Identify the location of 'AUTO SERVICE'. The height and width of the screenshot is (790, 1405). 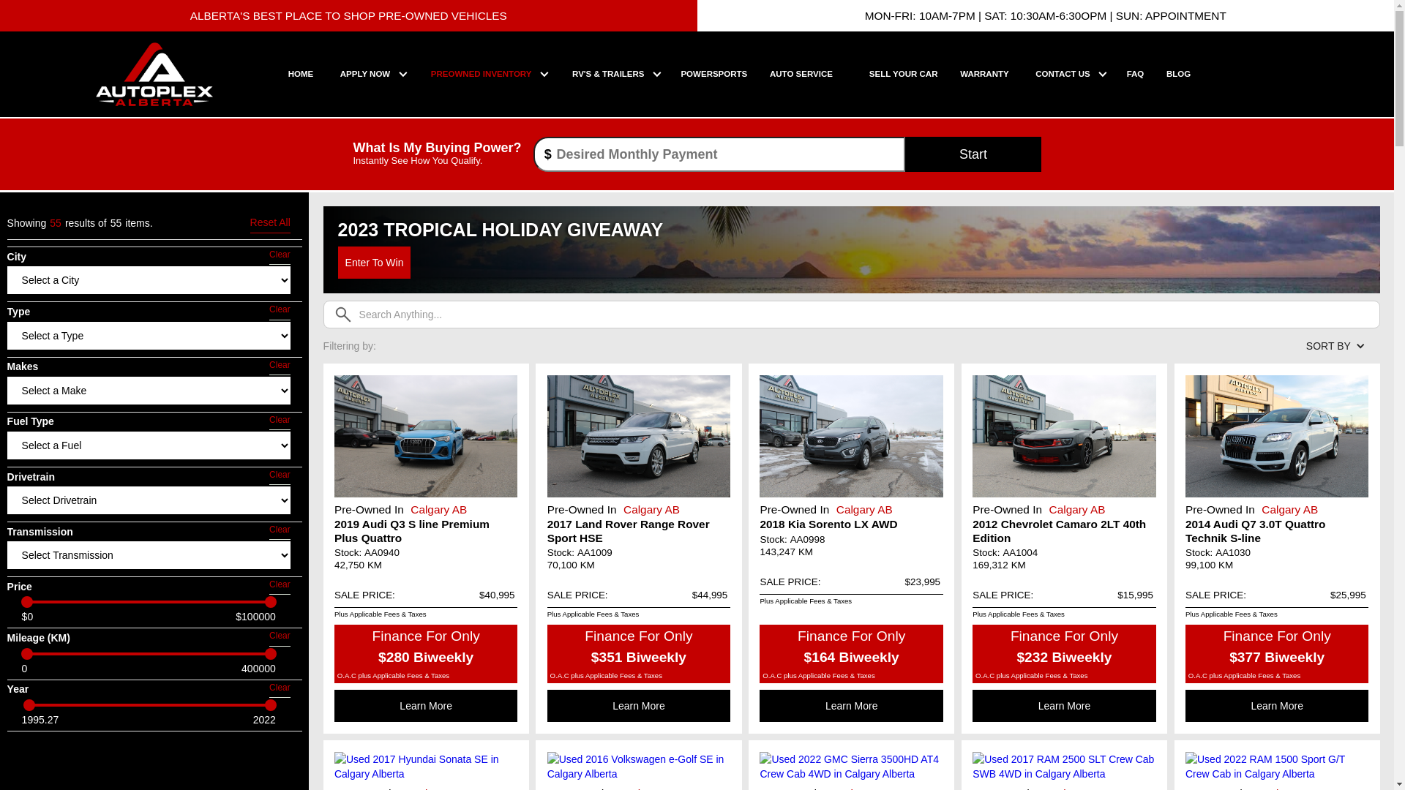
(765, 74).